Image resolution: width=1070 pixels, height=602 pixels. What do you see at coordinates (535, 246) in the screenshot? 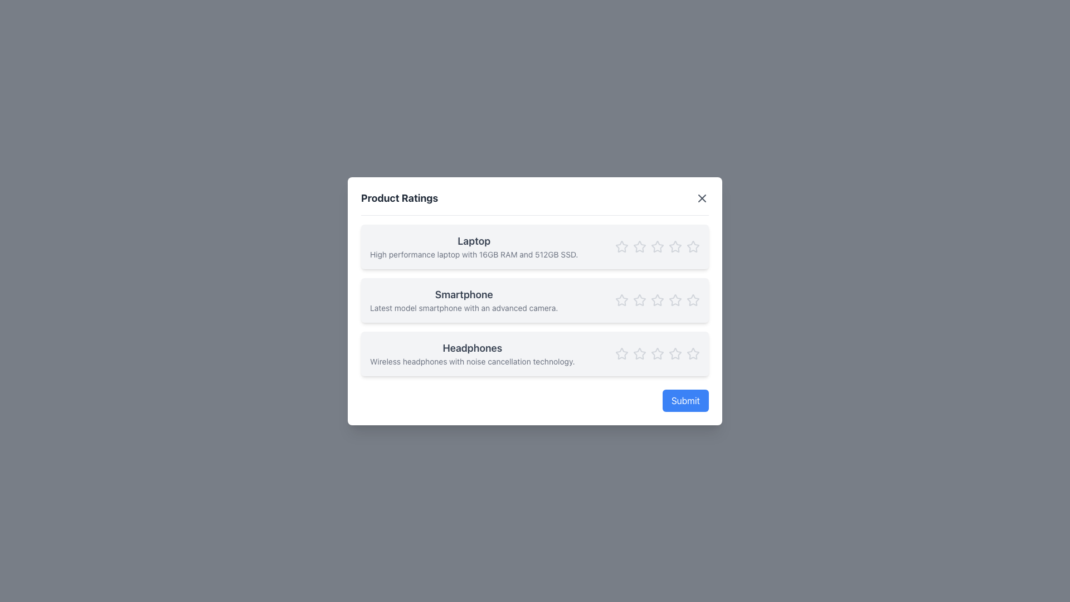
I see `the rating stars in the first product card within the 'Product Ratings' modal` at bounding box center [535, 246].